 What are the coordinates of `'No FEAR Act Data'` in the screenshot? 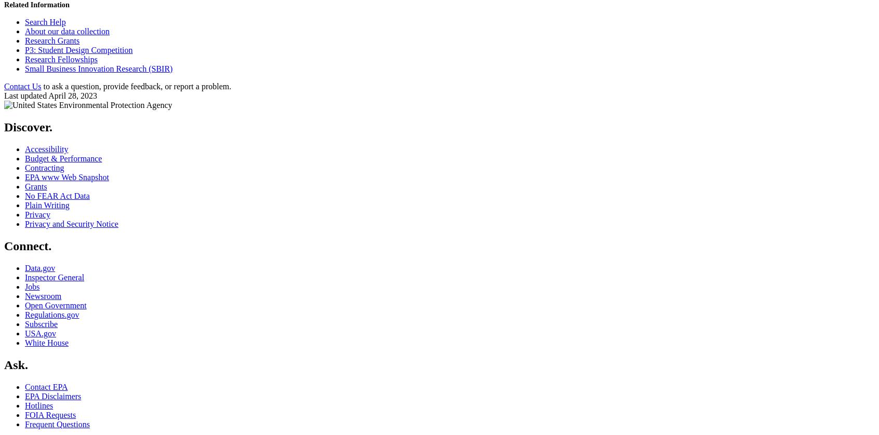 It's located at (57, 195).